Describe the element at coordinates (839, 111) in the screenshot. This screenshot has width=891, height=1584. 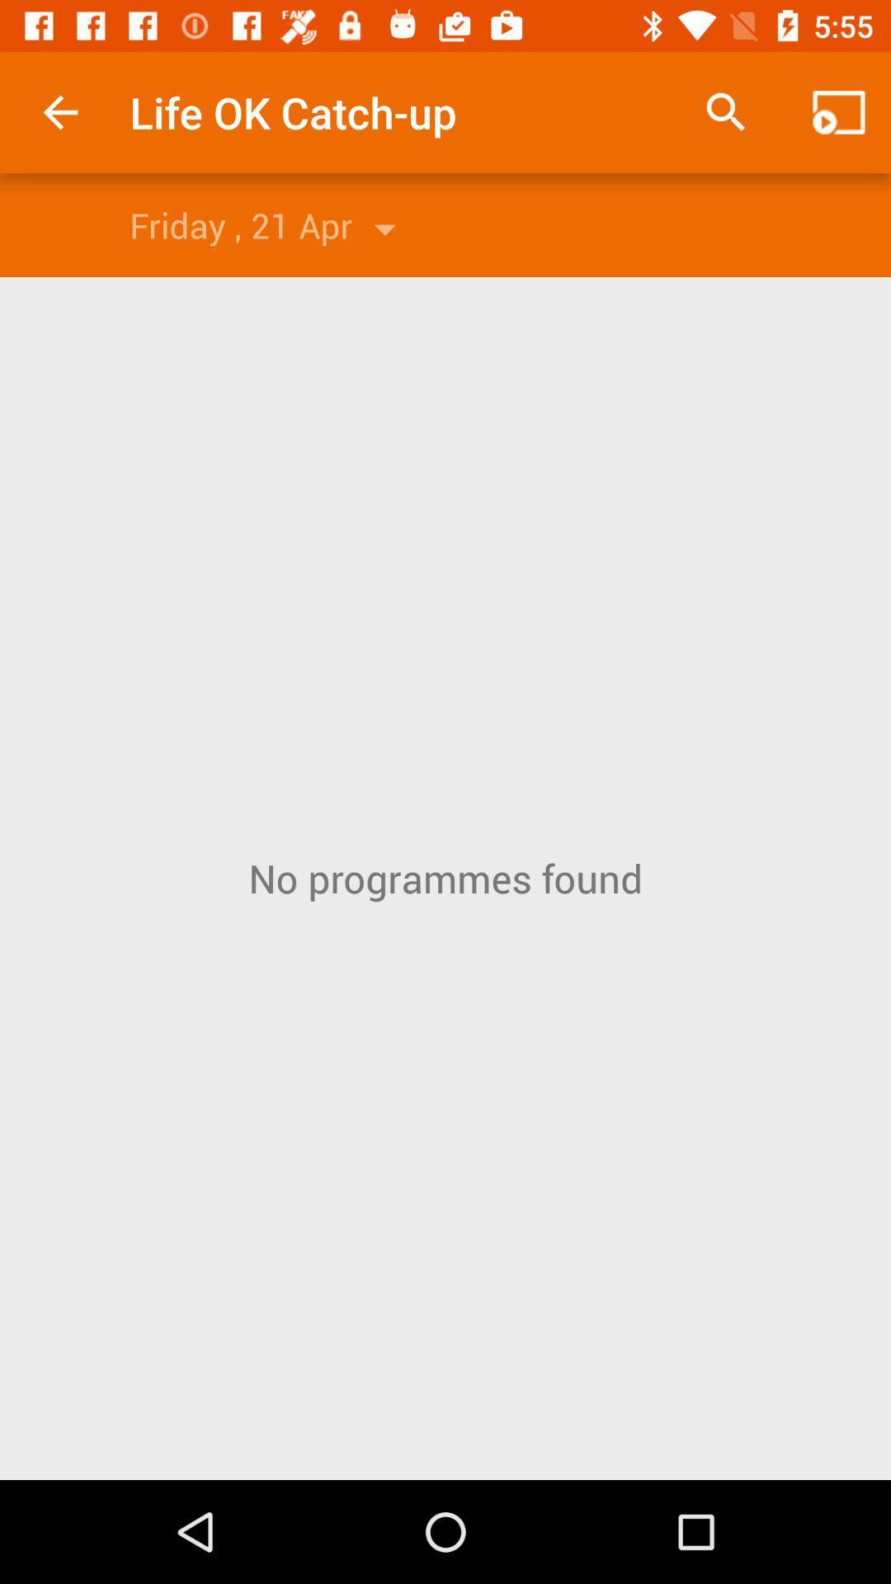
I see `item above no programmes found` at that location.